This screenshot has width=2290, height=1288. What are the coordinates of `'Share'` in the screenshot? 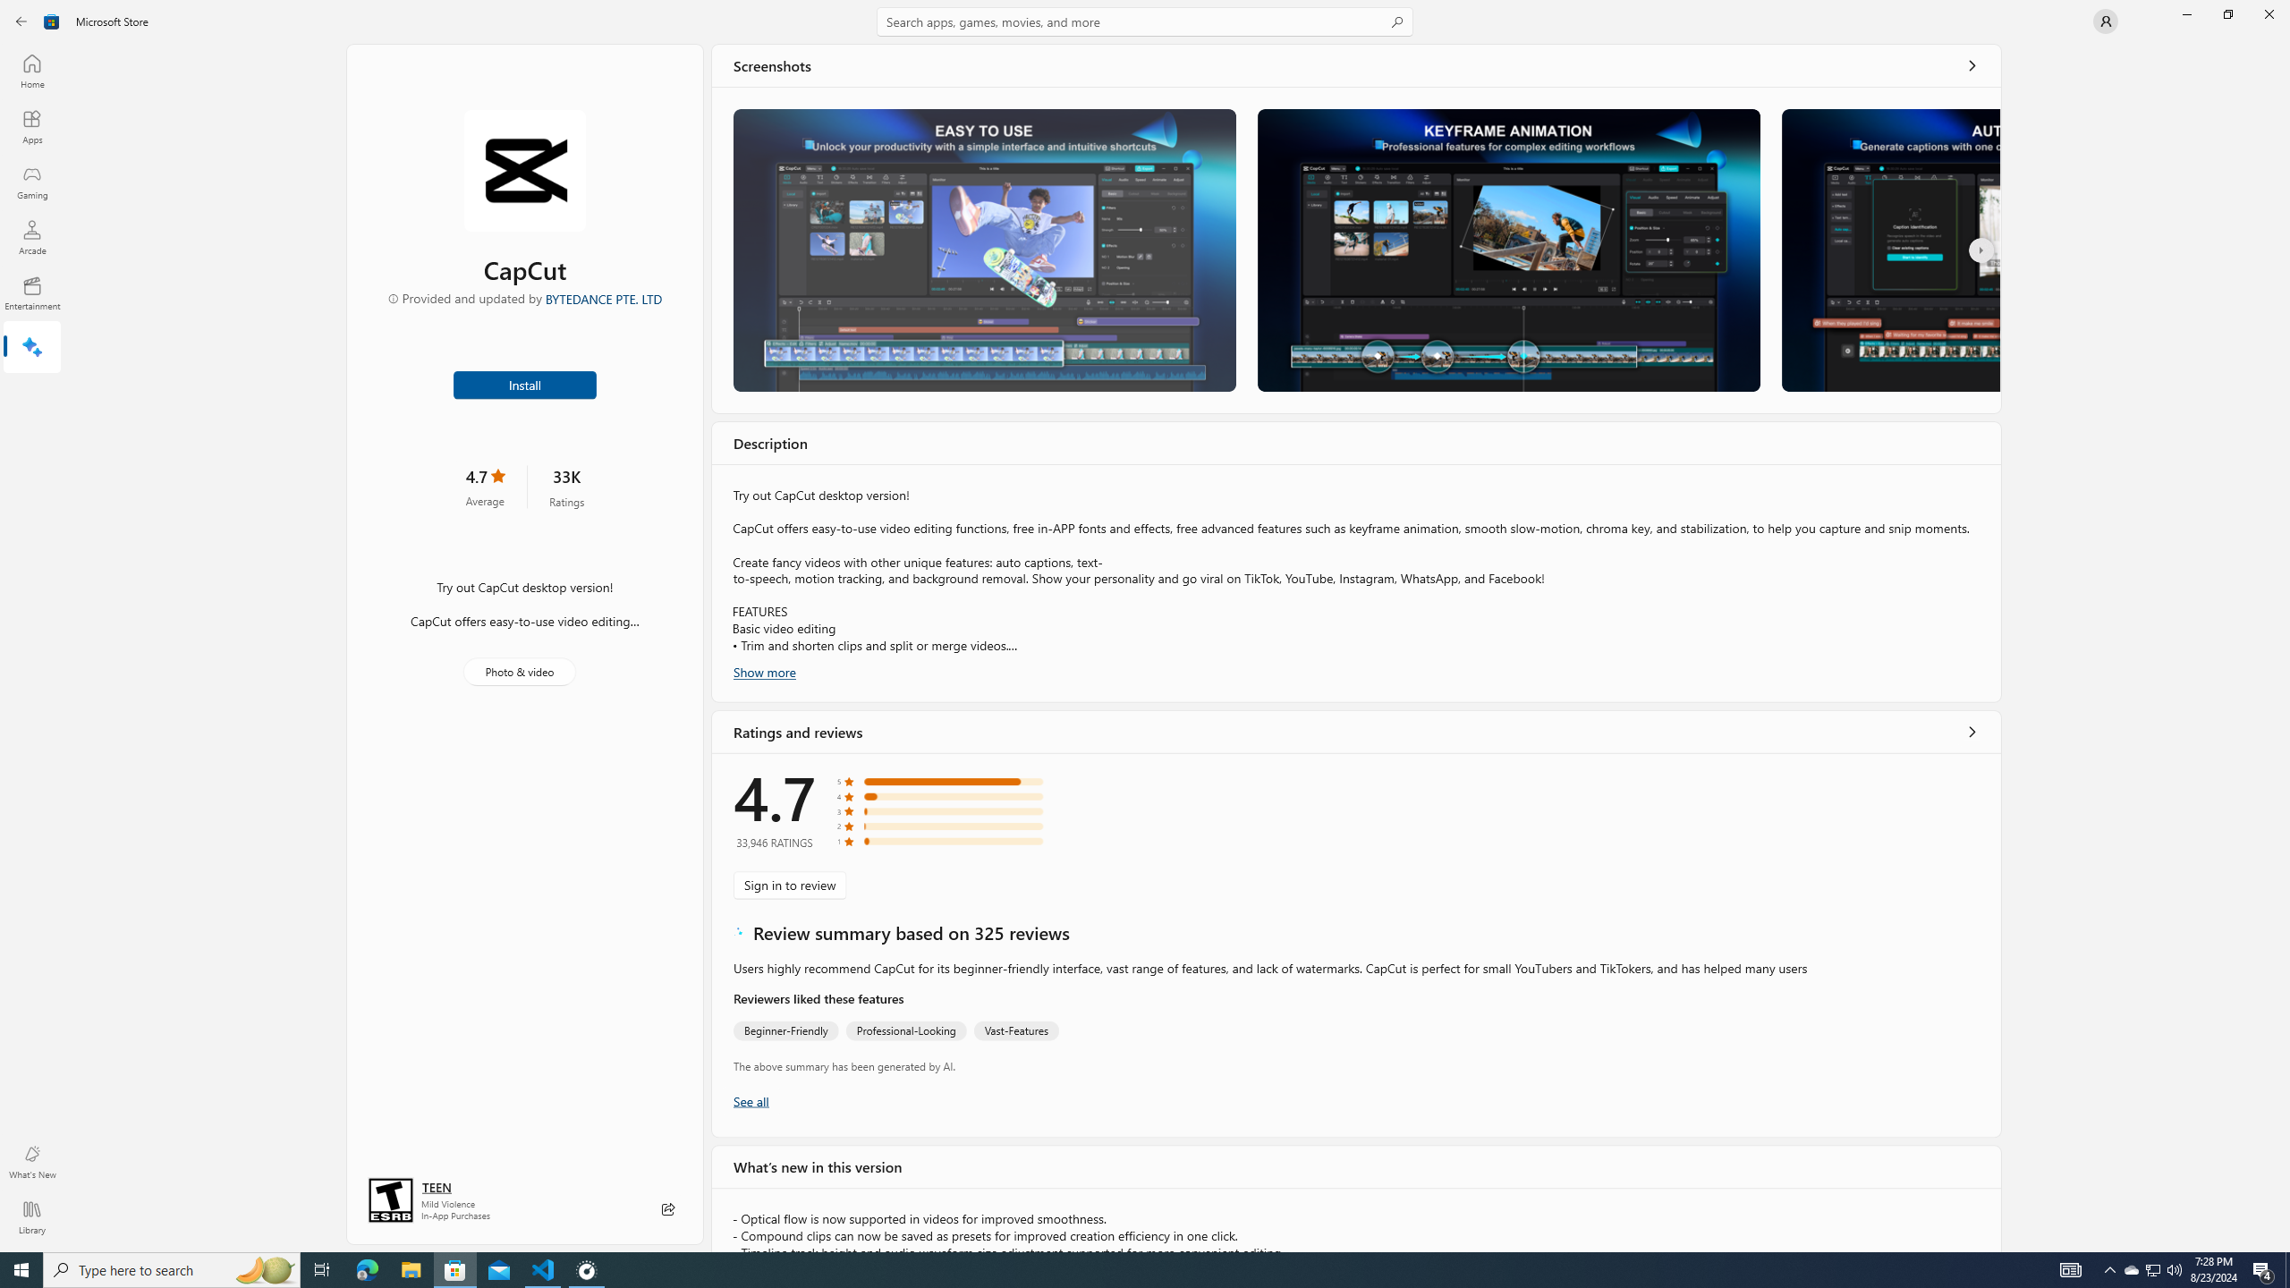 It's located at (667, 1208).